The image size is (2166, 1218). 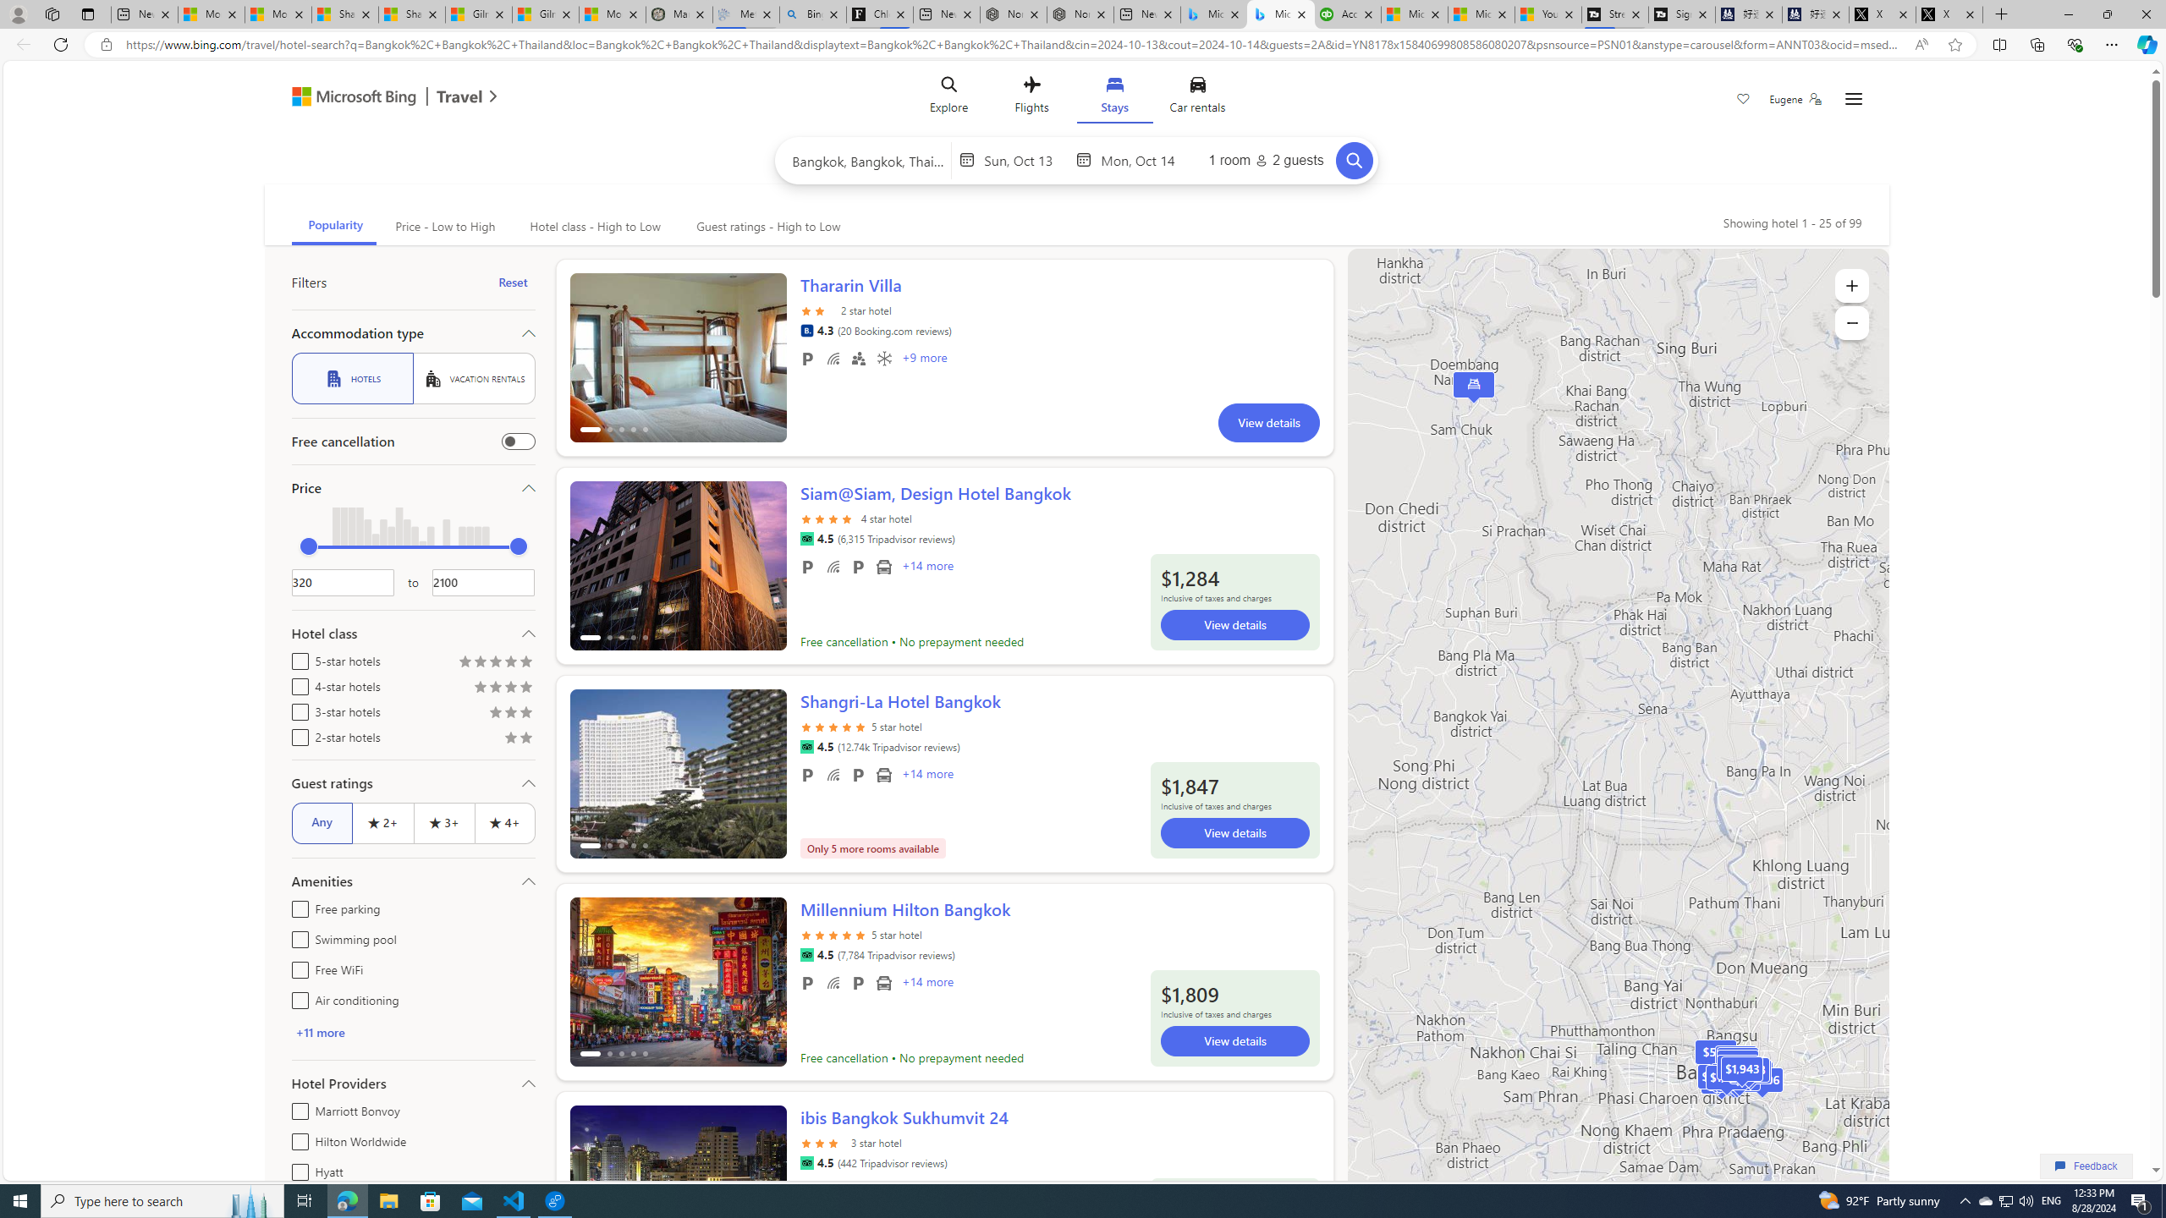 What do you see at coordinates (1851, 285) in the screenshot?
I see `'Zoom in'` at bounding box center [1851, 285].